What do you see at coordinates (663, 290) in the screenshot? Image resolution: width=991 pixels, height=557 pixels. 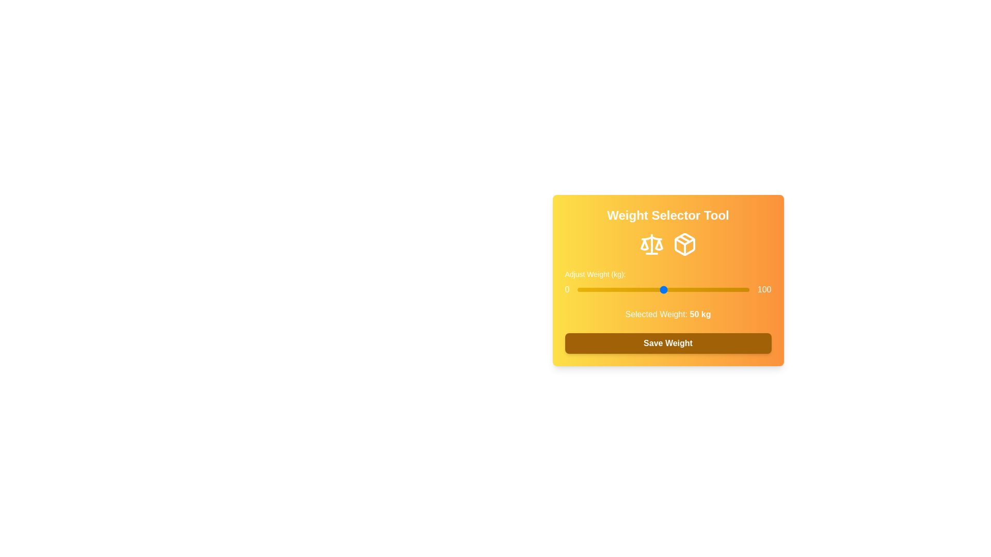 I see `the weight slider to focus on it` at bounding box center [663, 290].